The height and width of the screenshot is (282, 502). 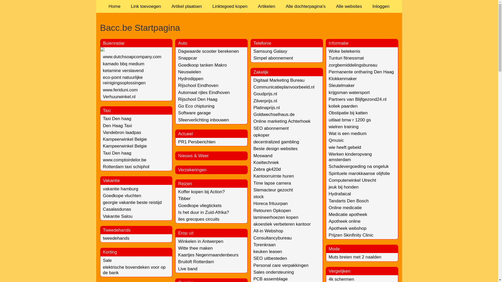 What do you see at coordinates (344, 51) in the screenshot?
I see `'Woke betekenis'` at bounding box center [344, 51].